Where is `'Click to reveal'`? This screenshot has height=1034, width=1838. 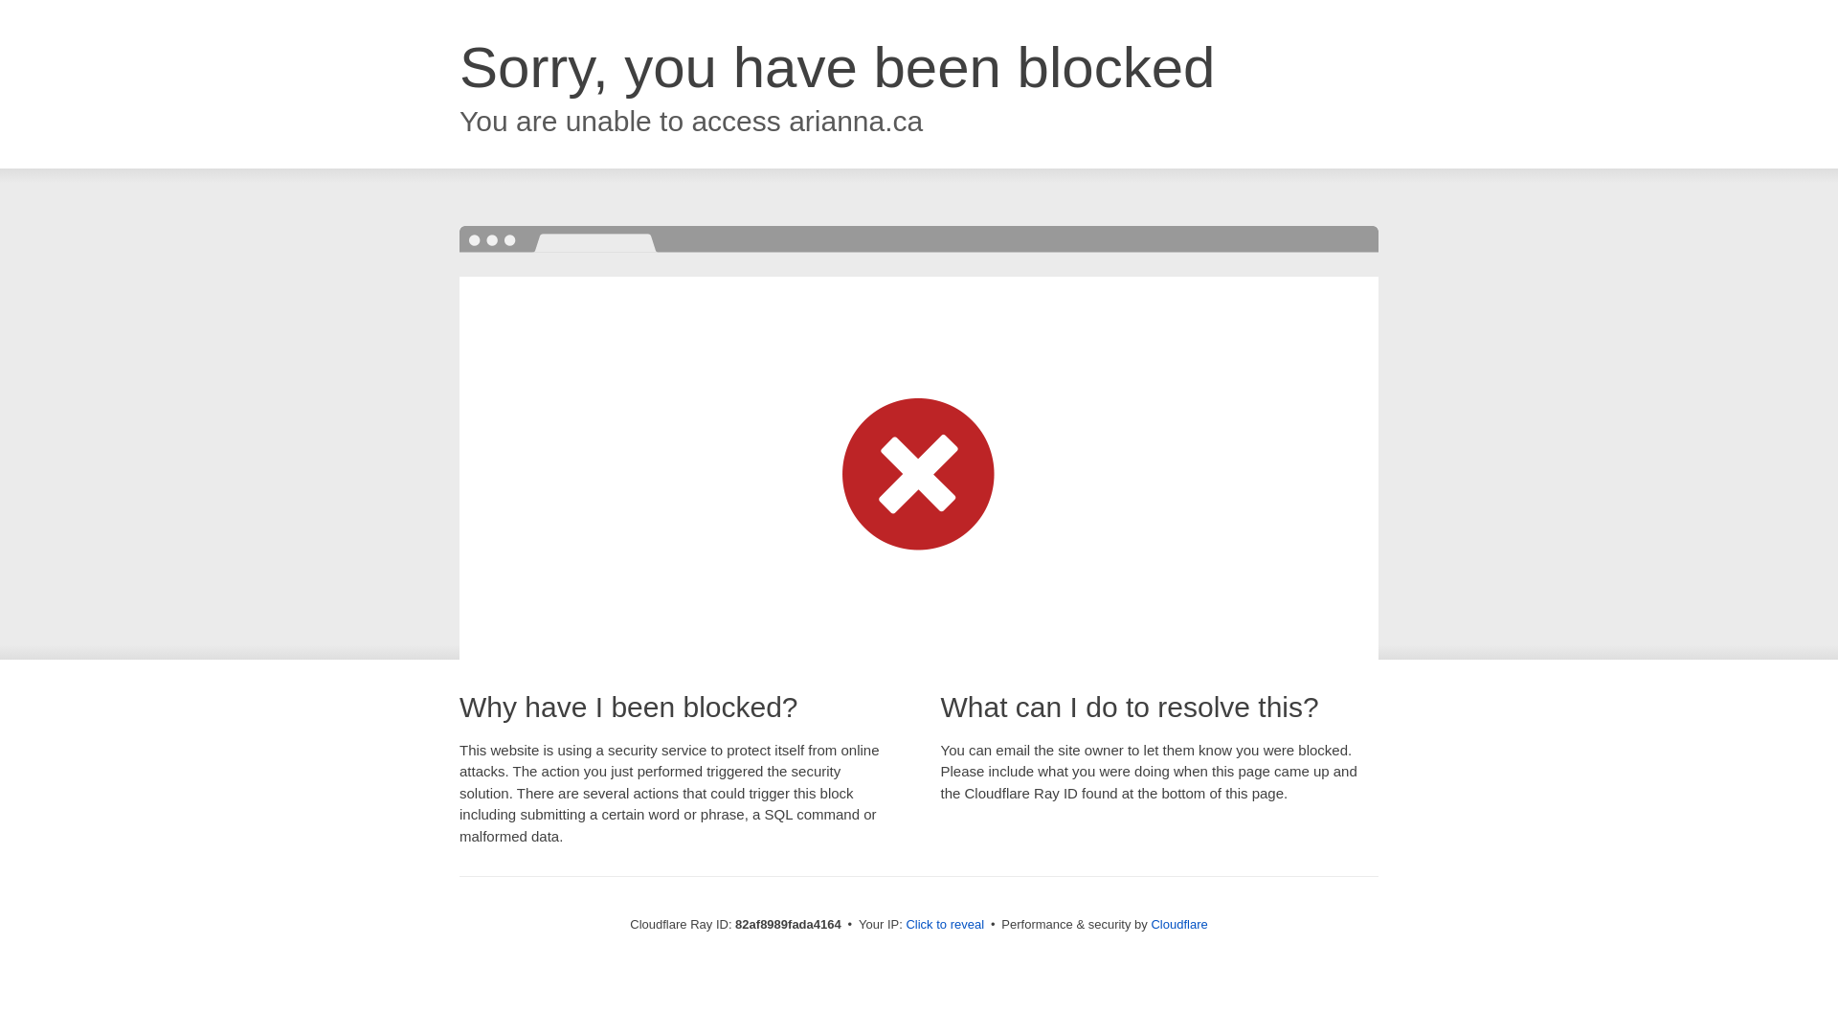
'Click to reveal' is located at coordinates (945, 923).